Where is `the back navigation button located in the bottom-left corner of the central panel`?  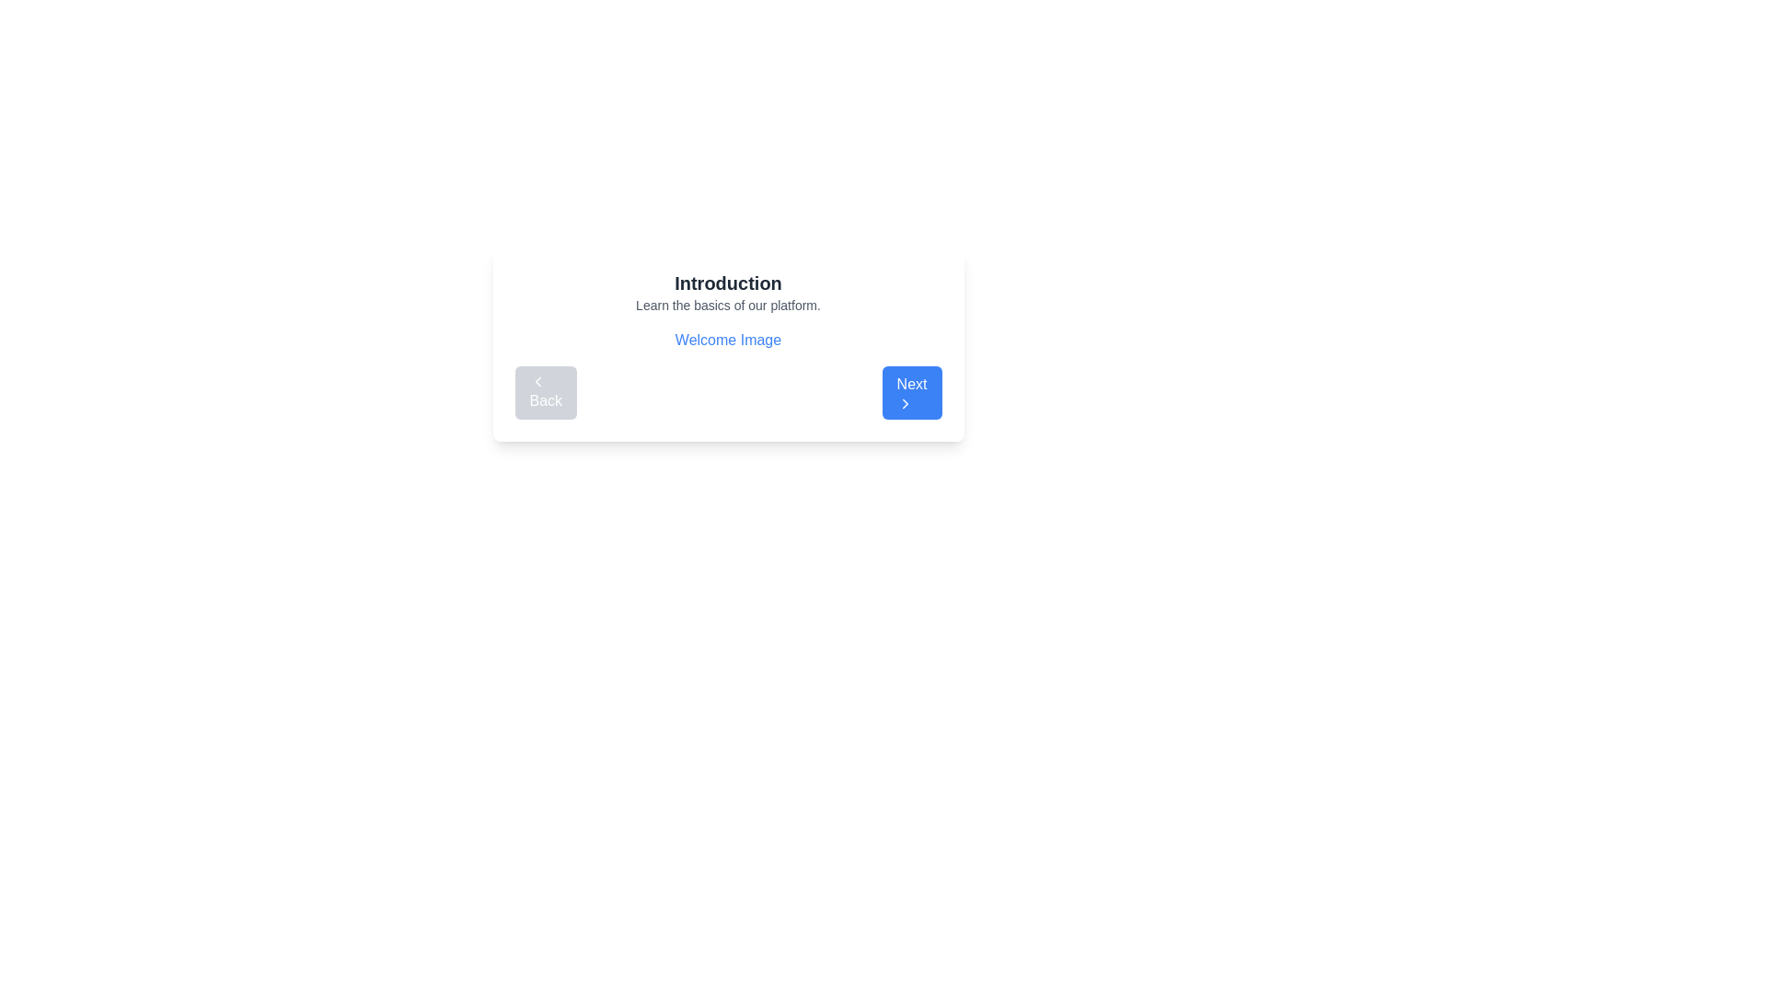 the back navigation button located in the bottom-left corner of the central panel is located at coordinates (545, 392).